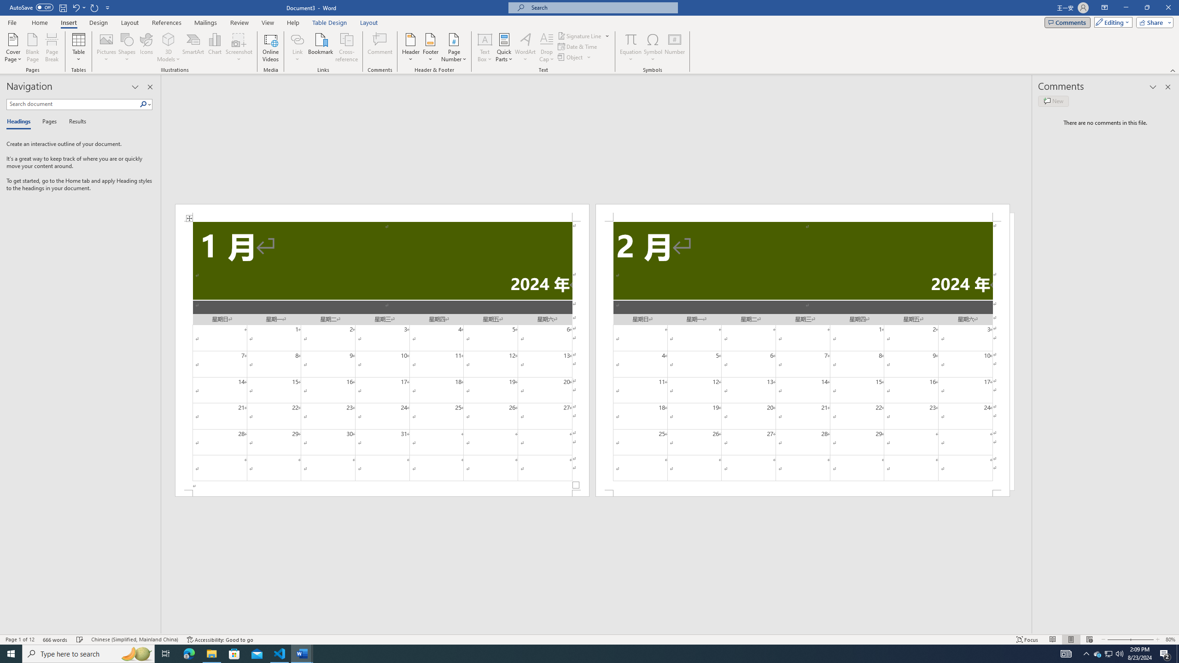  I want to click on 'Share', so click(1152, 22).